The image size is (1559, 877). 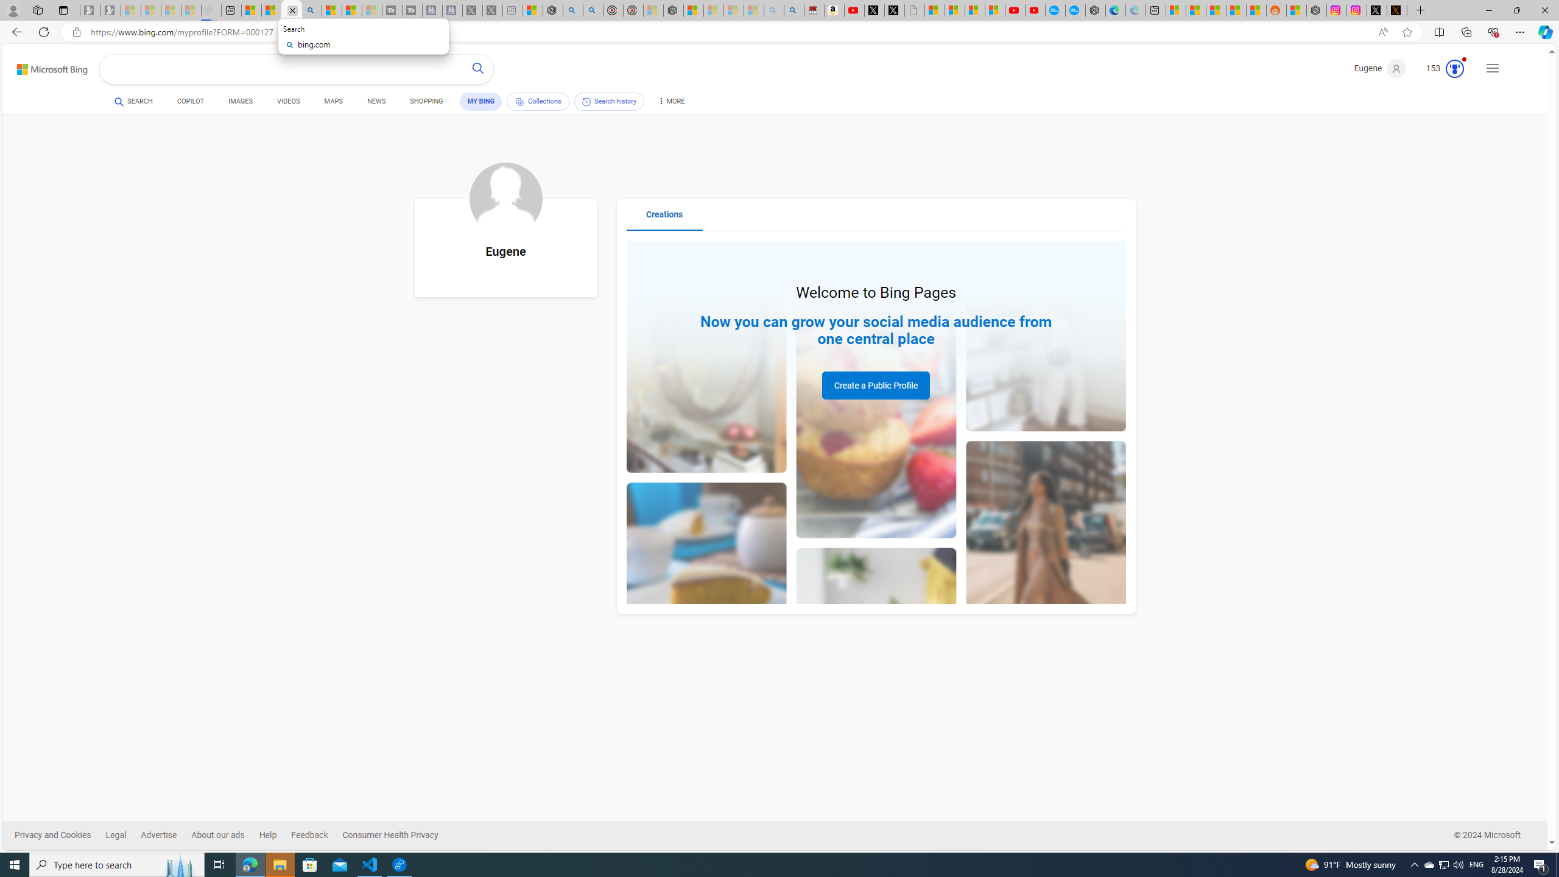 I want to click on 'SEARCH', so click(x=134, y=101).